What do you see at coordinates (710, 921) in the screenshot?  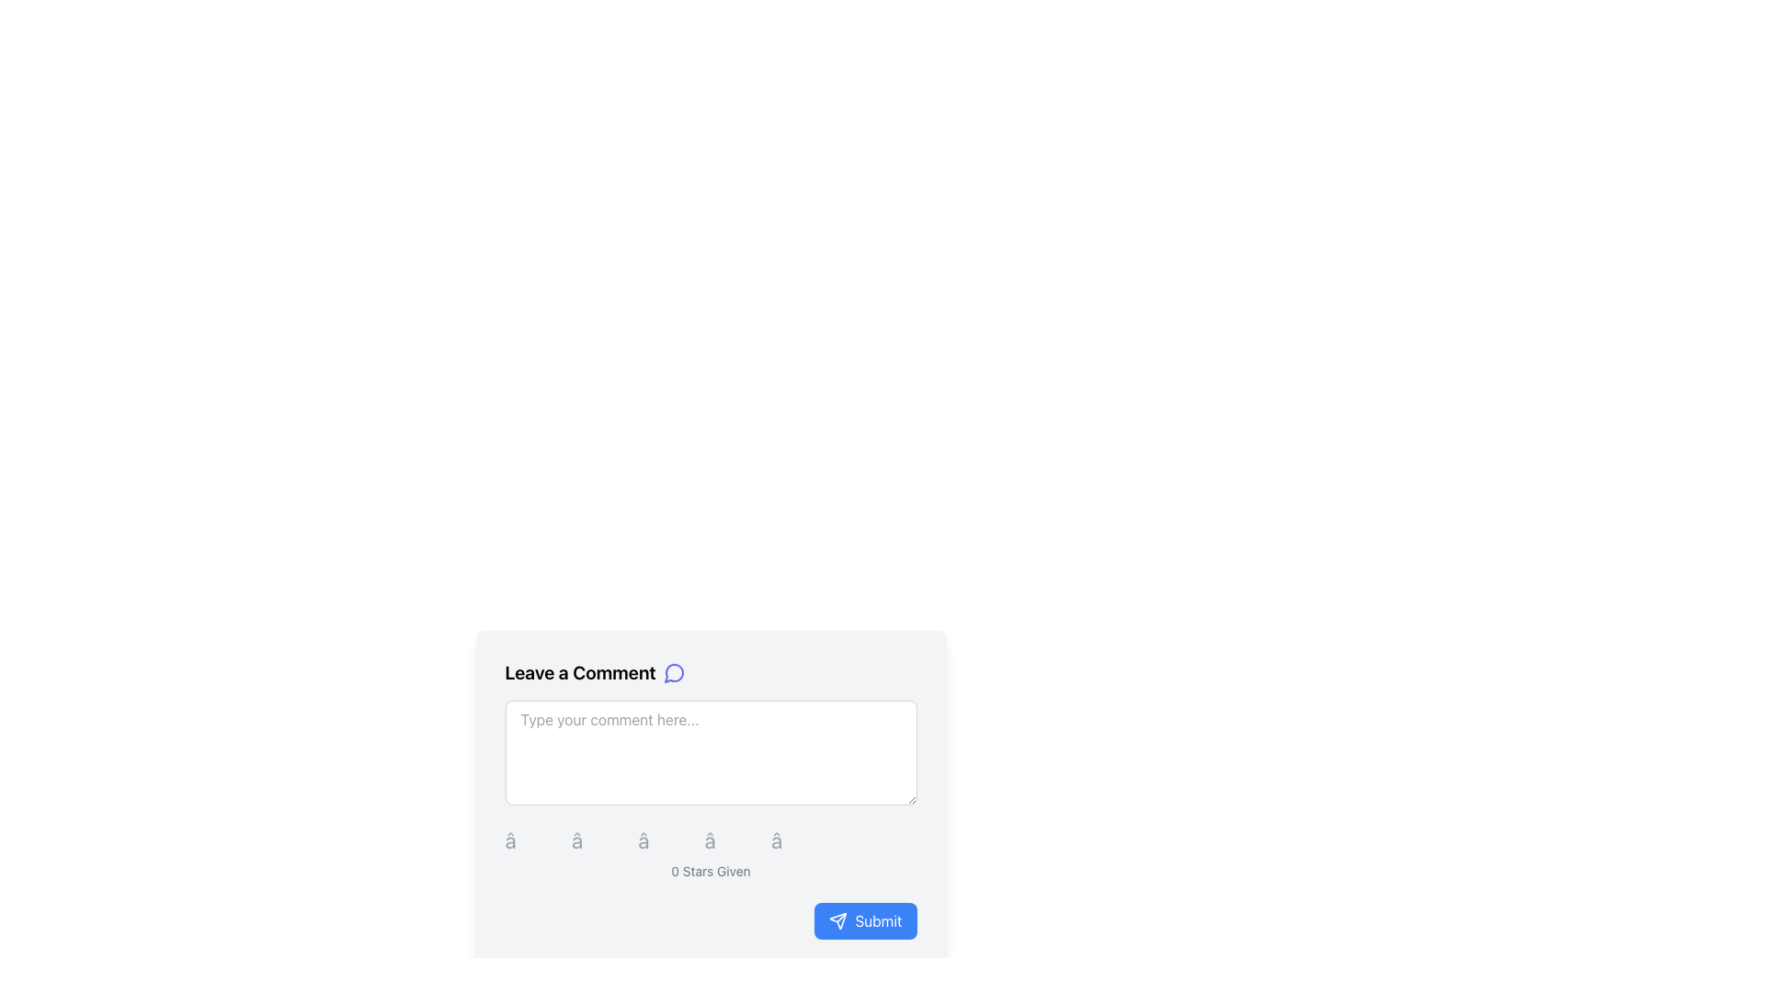 I see `the submit button located in the 'Leave a Comment' section` at bounding box center [710, 921].